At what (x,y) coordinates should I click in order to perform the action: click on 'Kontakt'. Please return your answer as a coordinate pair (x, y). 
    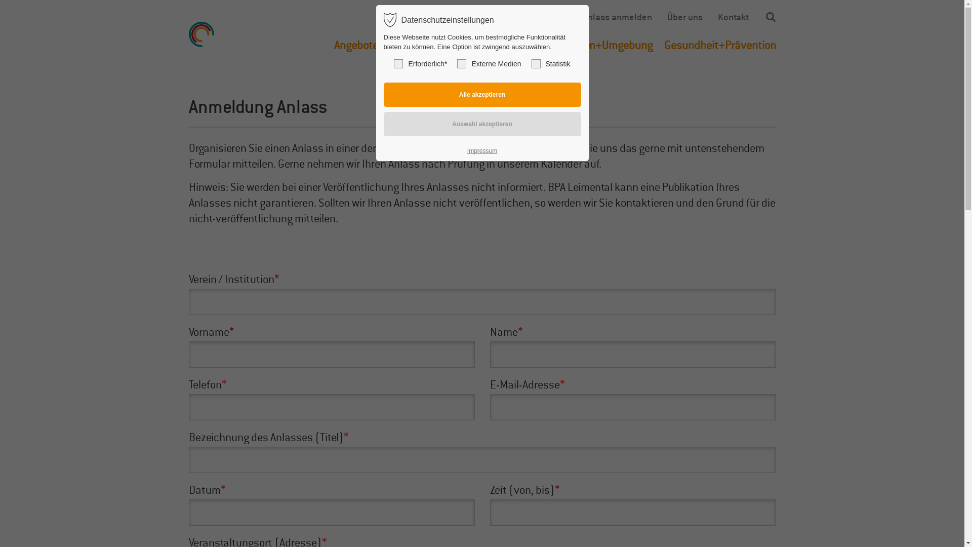
    Looking at the image, I should click on (717, 17).